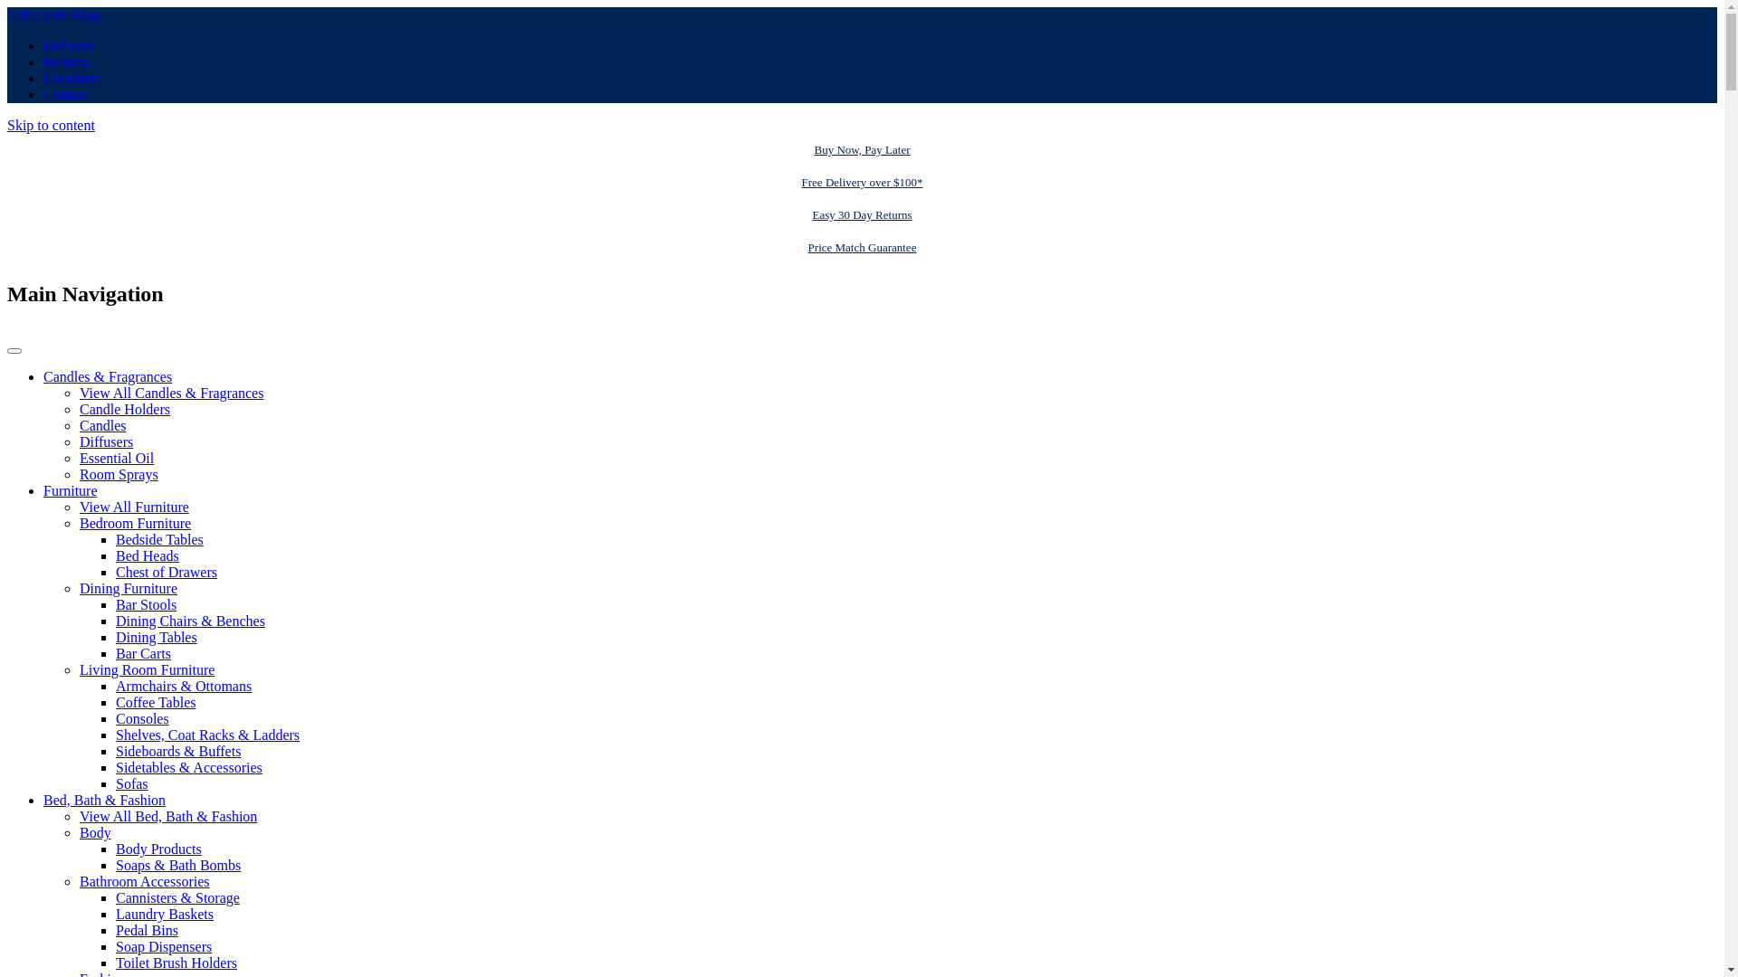 The image size is (1738, 977). Describe the element at coordinates (78, 473) in the screenshot. I see `'Room Sprays'` at that location.